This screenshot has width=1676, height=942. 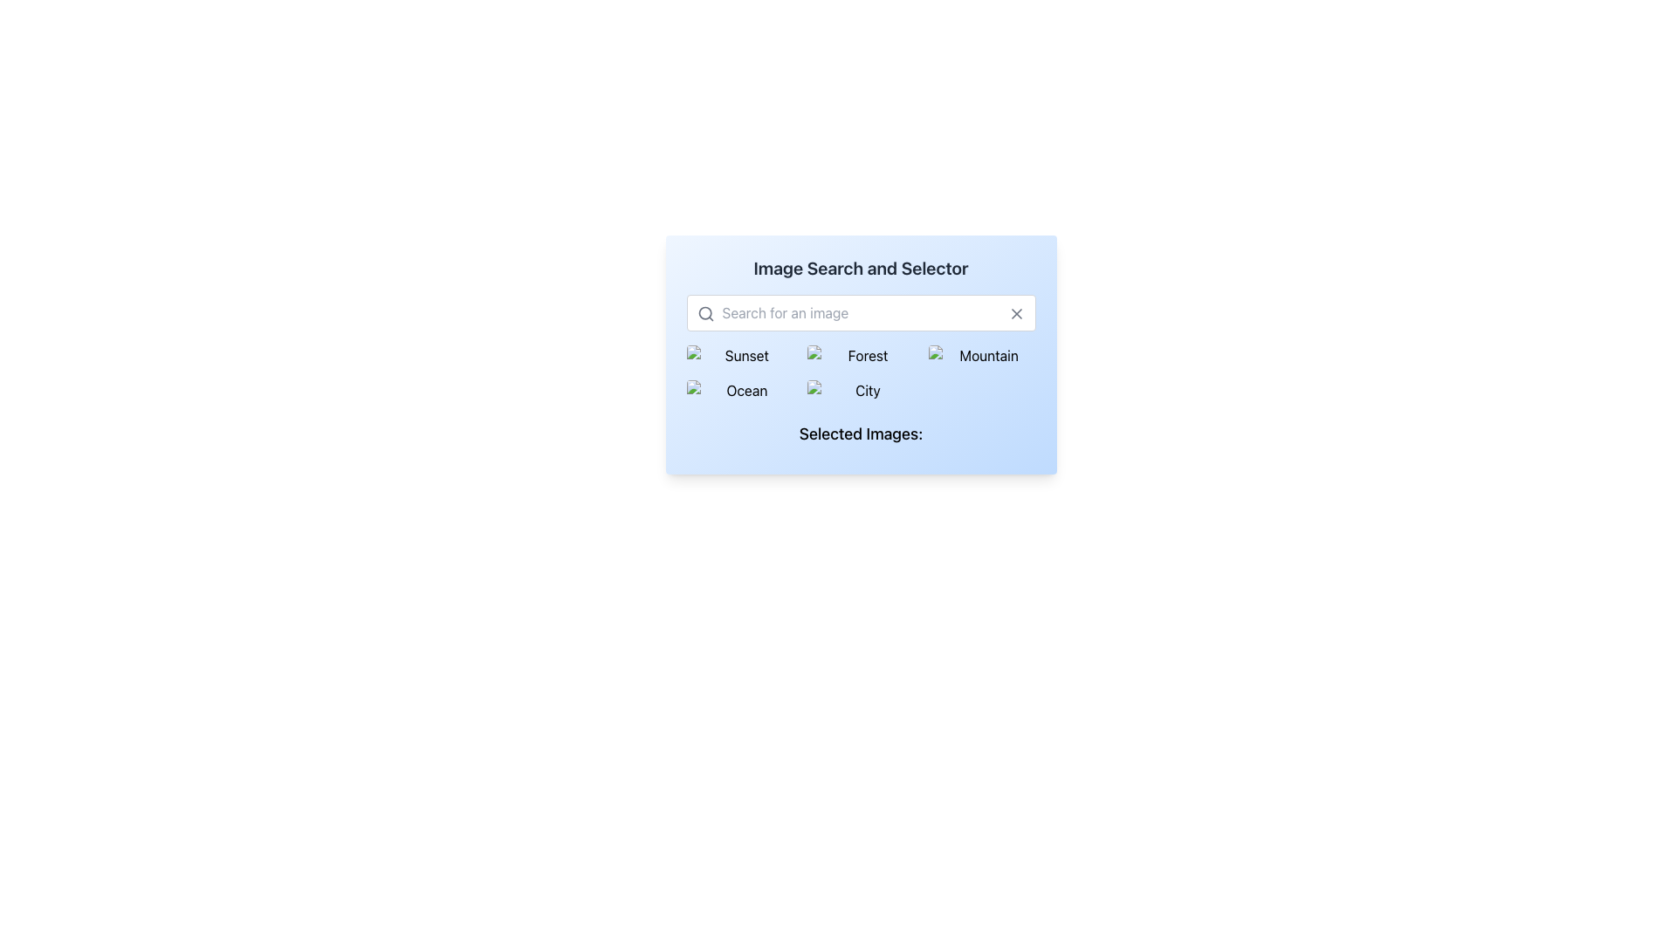 What do you see at coordinates (861, 355) in the screenshot?
I see `the second selectable grid cell labeled 'Forest'` at bounding box center [861, 355].